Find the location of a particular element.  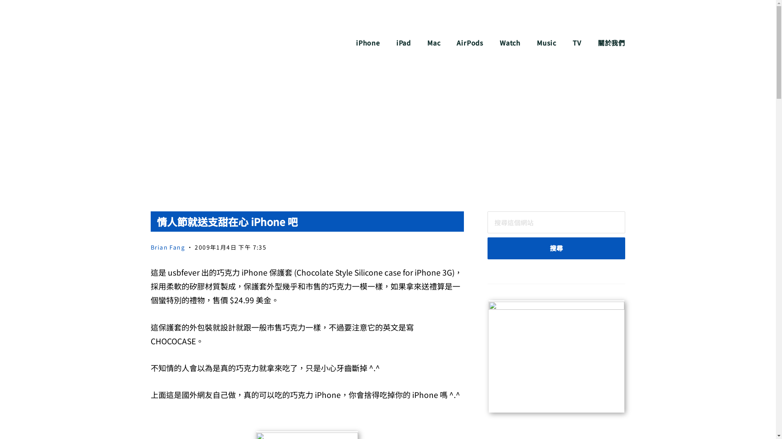

'Advertisement' is located at coordinates (387, 137).